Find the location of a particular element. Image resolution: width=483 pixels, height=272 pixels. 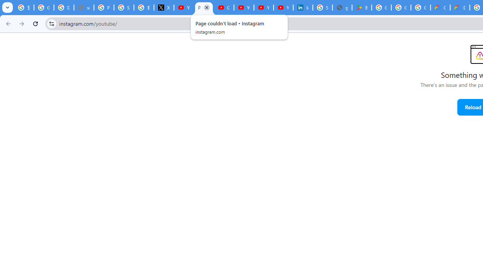

'YouTube Culture & Trends - YouTube Top 10, 2021' is located at coordinates (263, 8).